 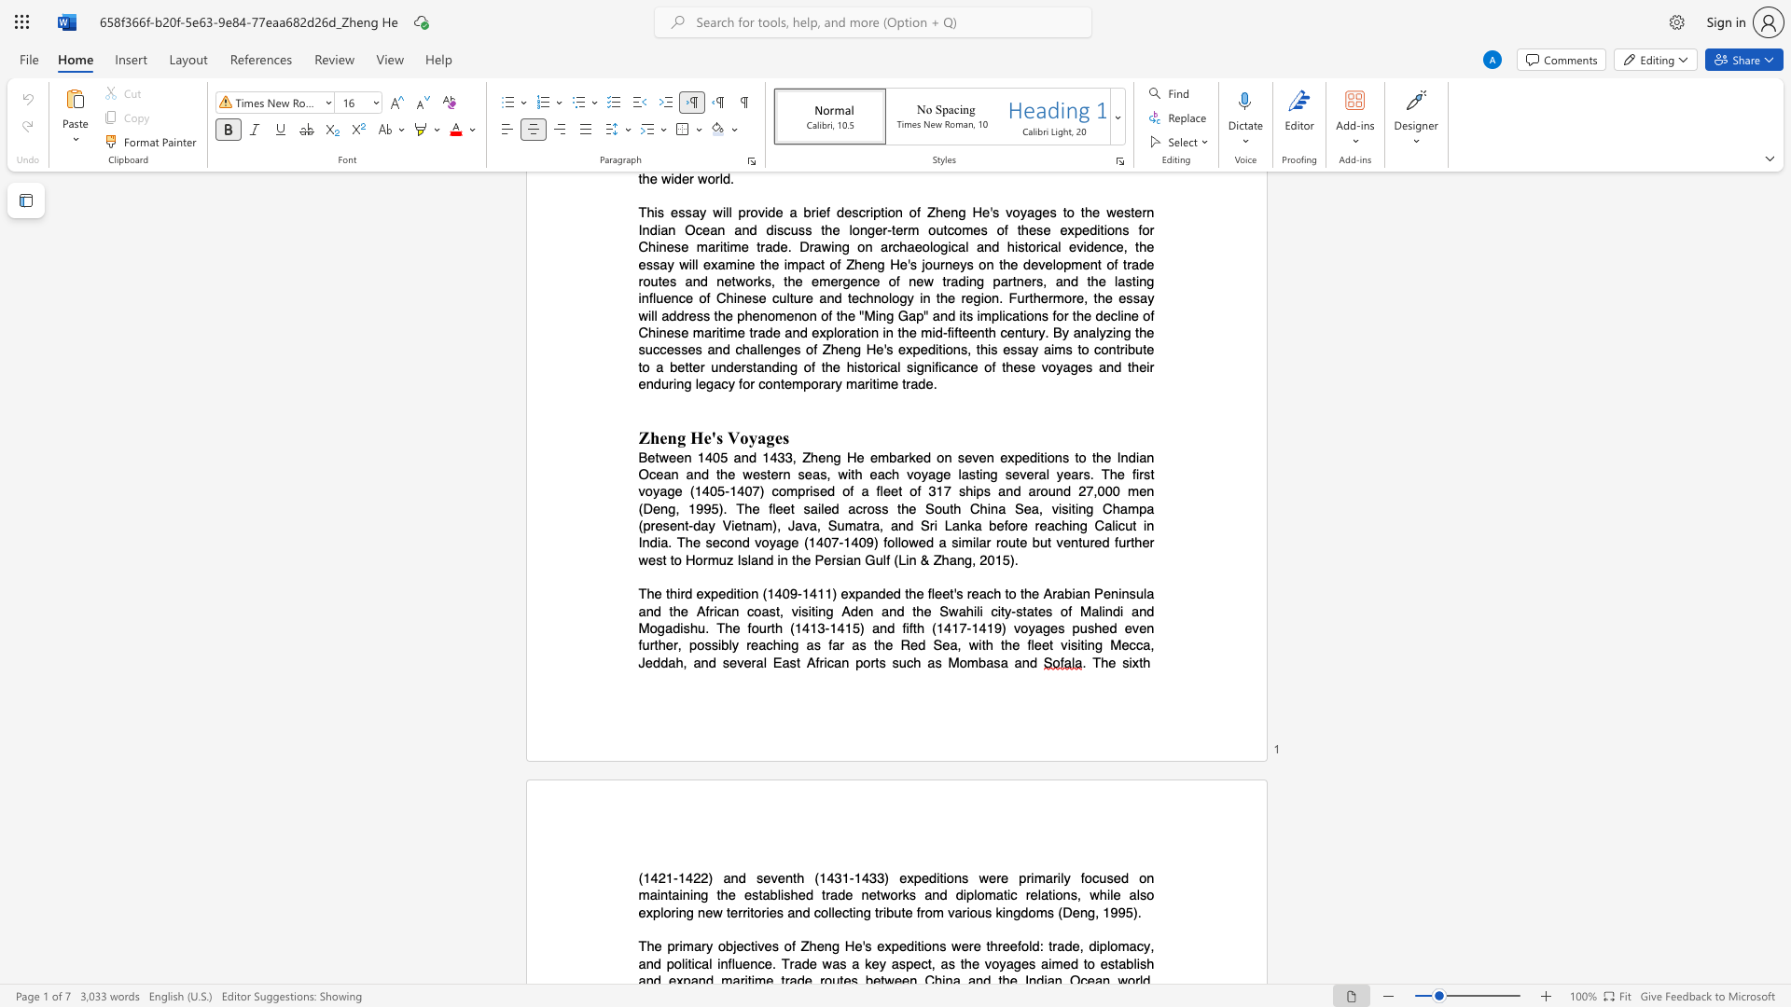 What do you see at coordinates (716, 946) in the screenshot?
I see `the subset text "obj" within the text "objectives"` at bounding box center [716, 946].